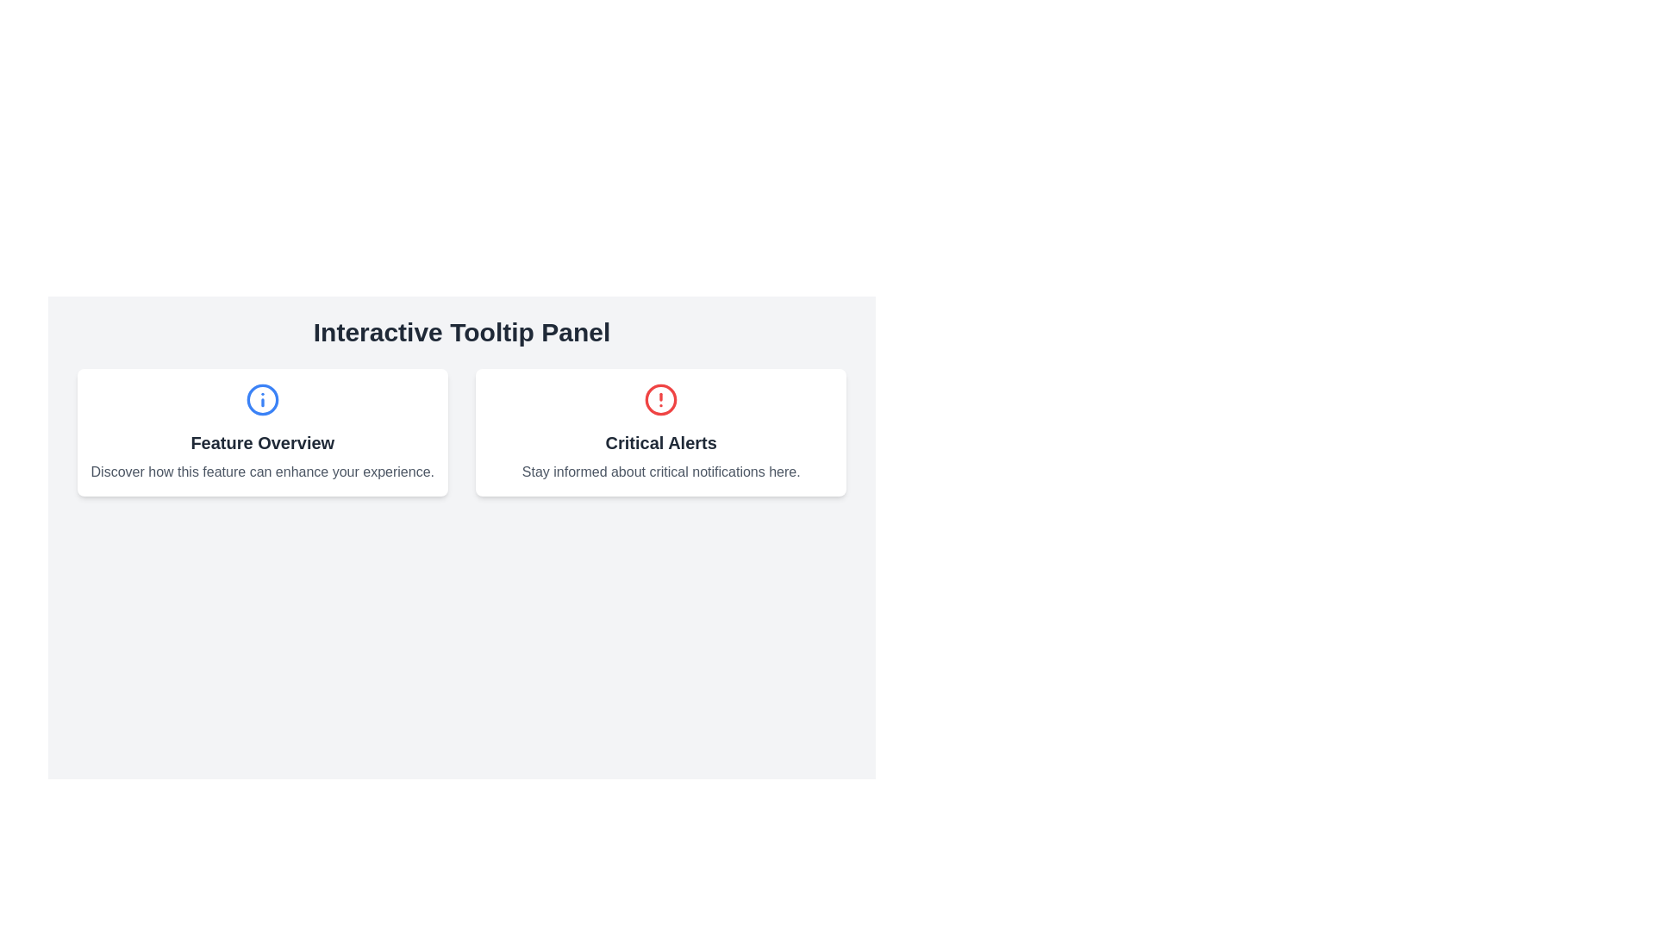  I want to click on the decorative graphic SVG circle element located within the informative icon above the 'Feature Overview' text in the left card of the interface, so click(261, 399).